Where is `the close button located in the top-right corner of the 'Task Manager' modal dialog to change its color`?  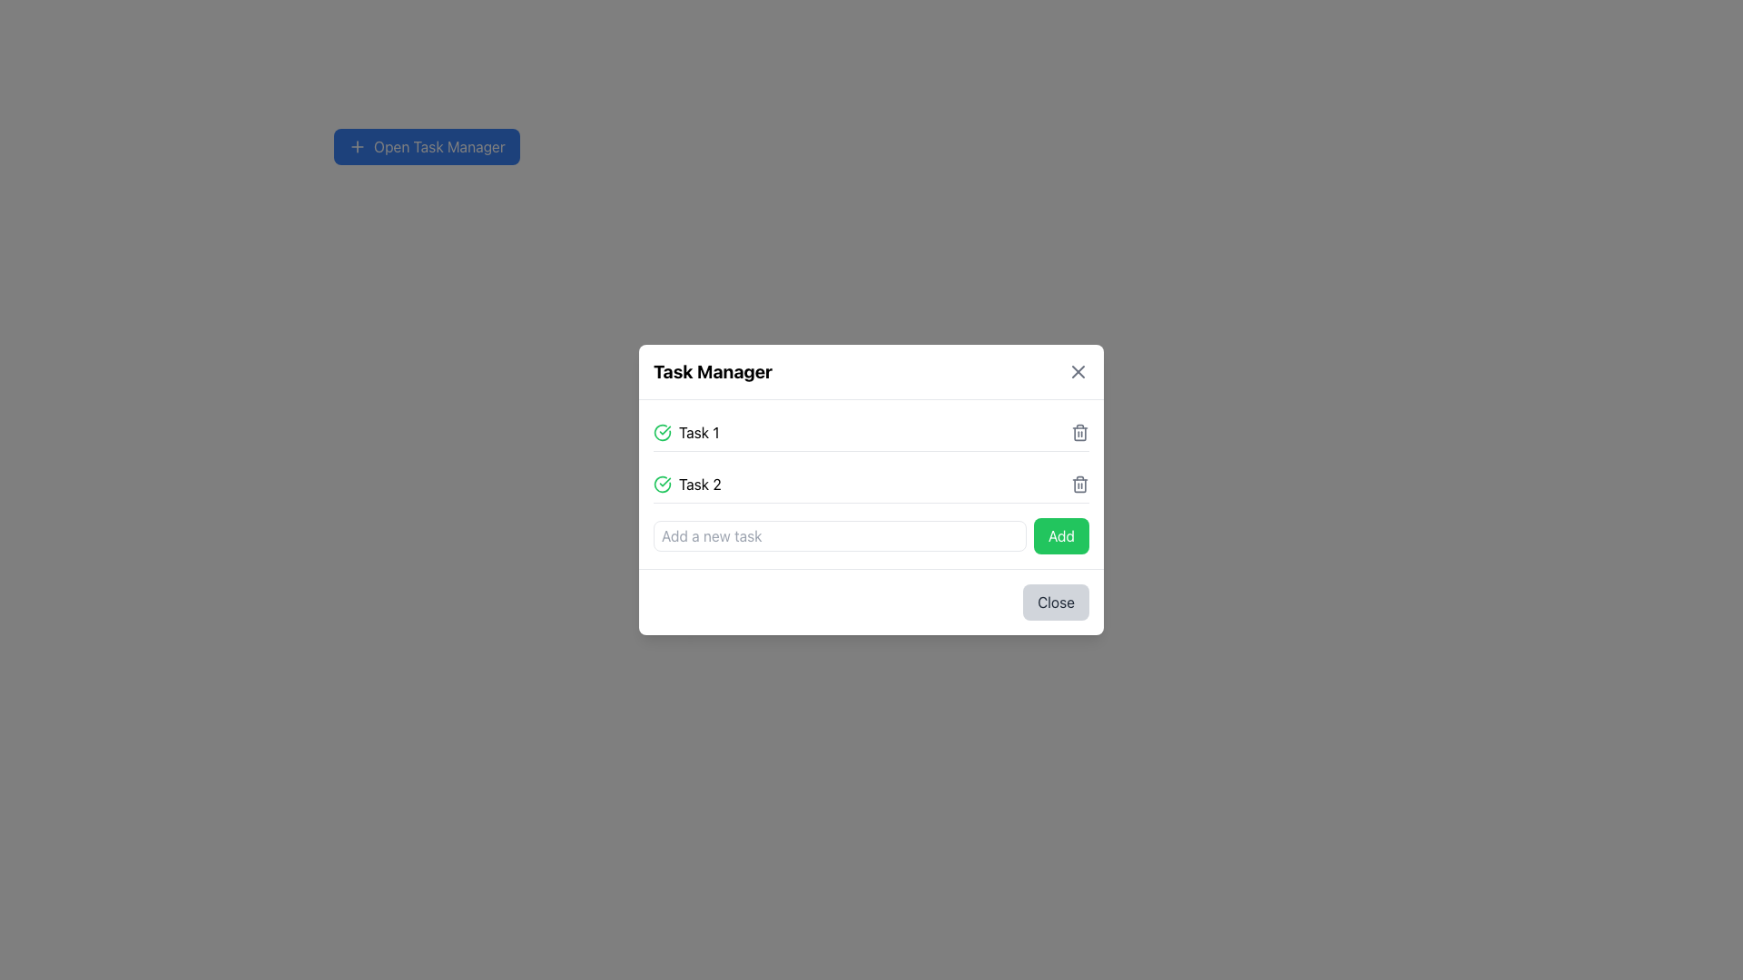 the close button located in the top-right corner of the 'Task Manager' modal dialog to change its color is located at coordinates (1078, 370).